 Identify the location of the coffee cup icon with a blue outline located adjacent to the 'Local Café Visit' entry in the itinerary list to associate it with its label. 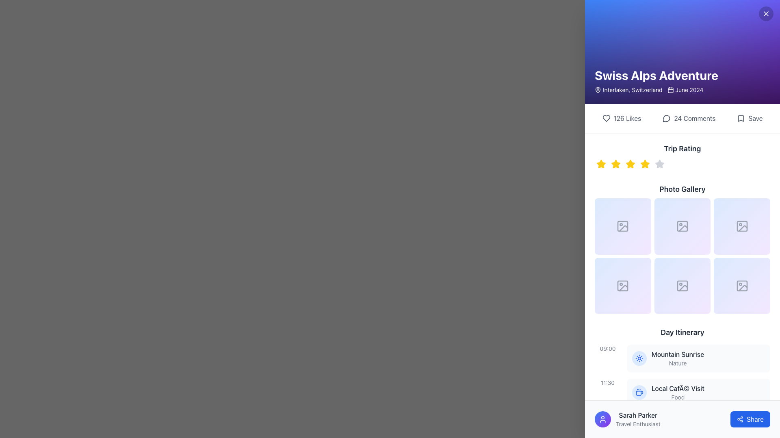
(639, 392).